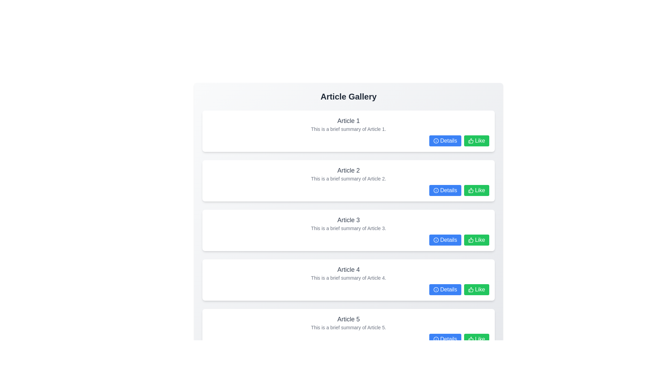 The width and height of the screenshot is (662, 372). What do you see at coordinates (435, 289) in the screenshot?
I see `the visual representation of the circular blue and white icon located to the left of the 'Details' text within the 'Details' button of the fourth card, corresponding to 'Article 4'` at bounding box center [435, 289].